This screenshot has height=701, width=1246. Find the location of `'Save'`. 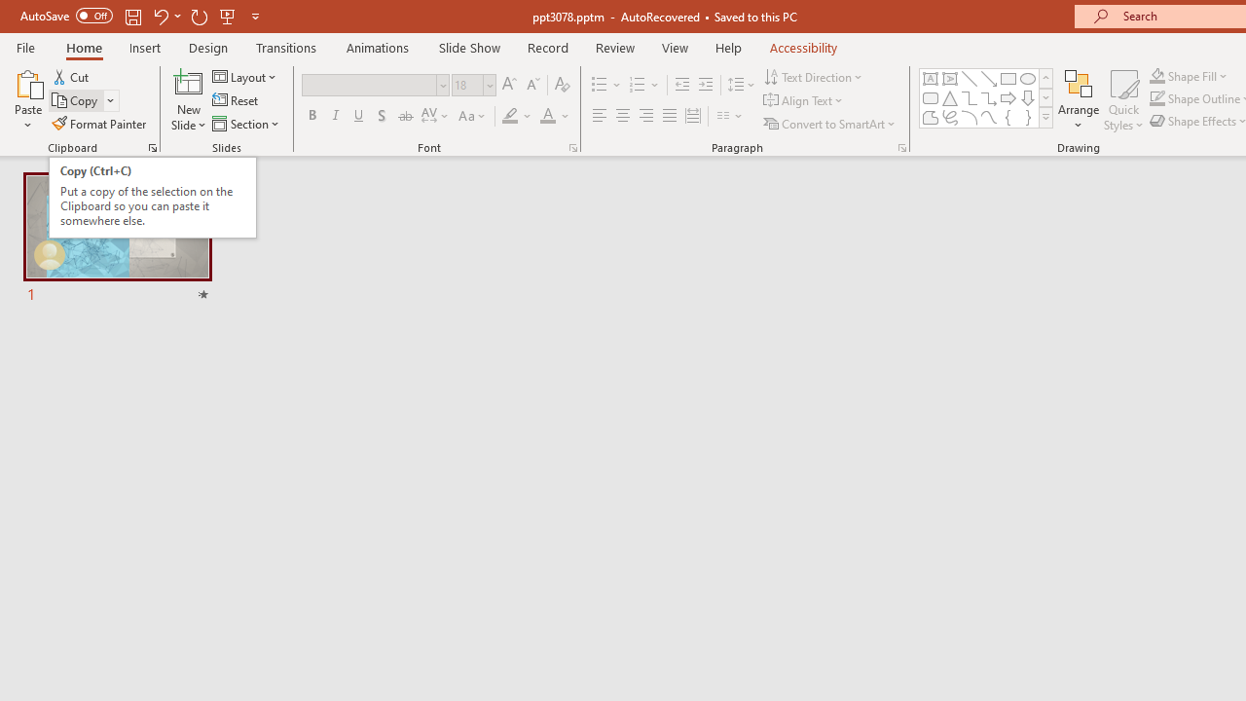

'Save' is located at coordinates (131, 16).